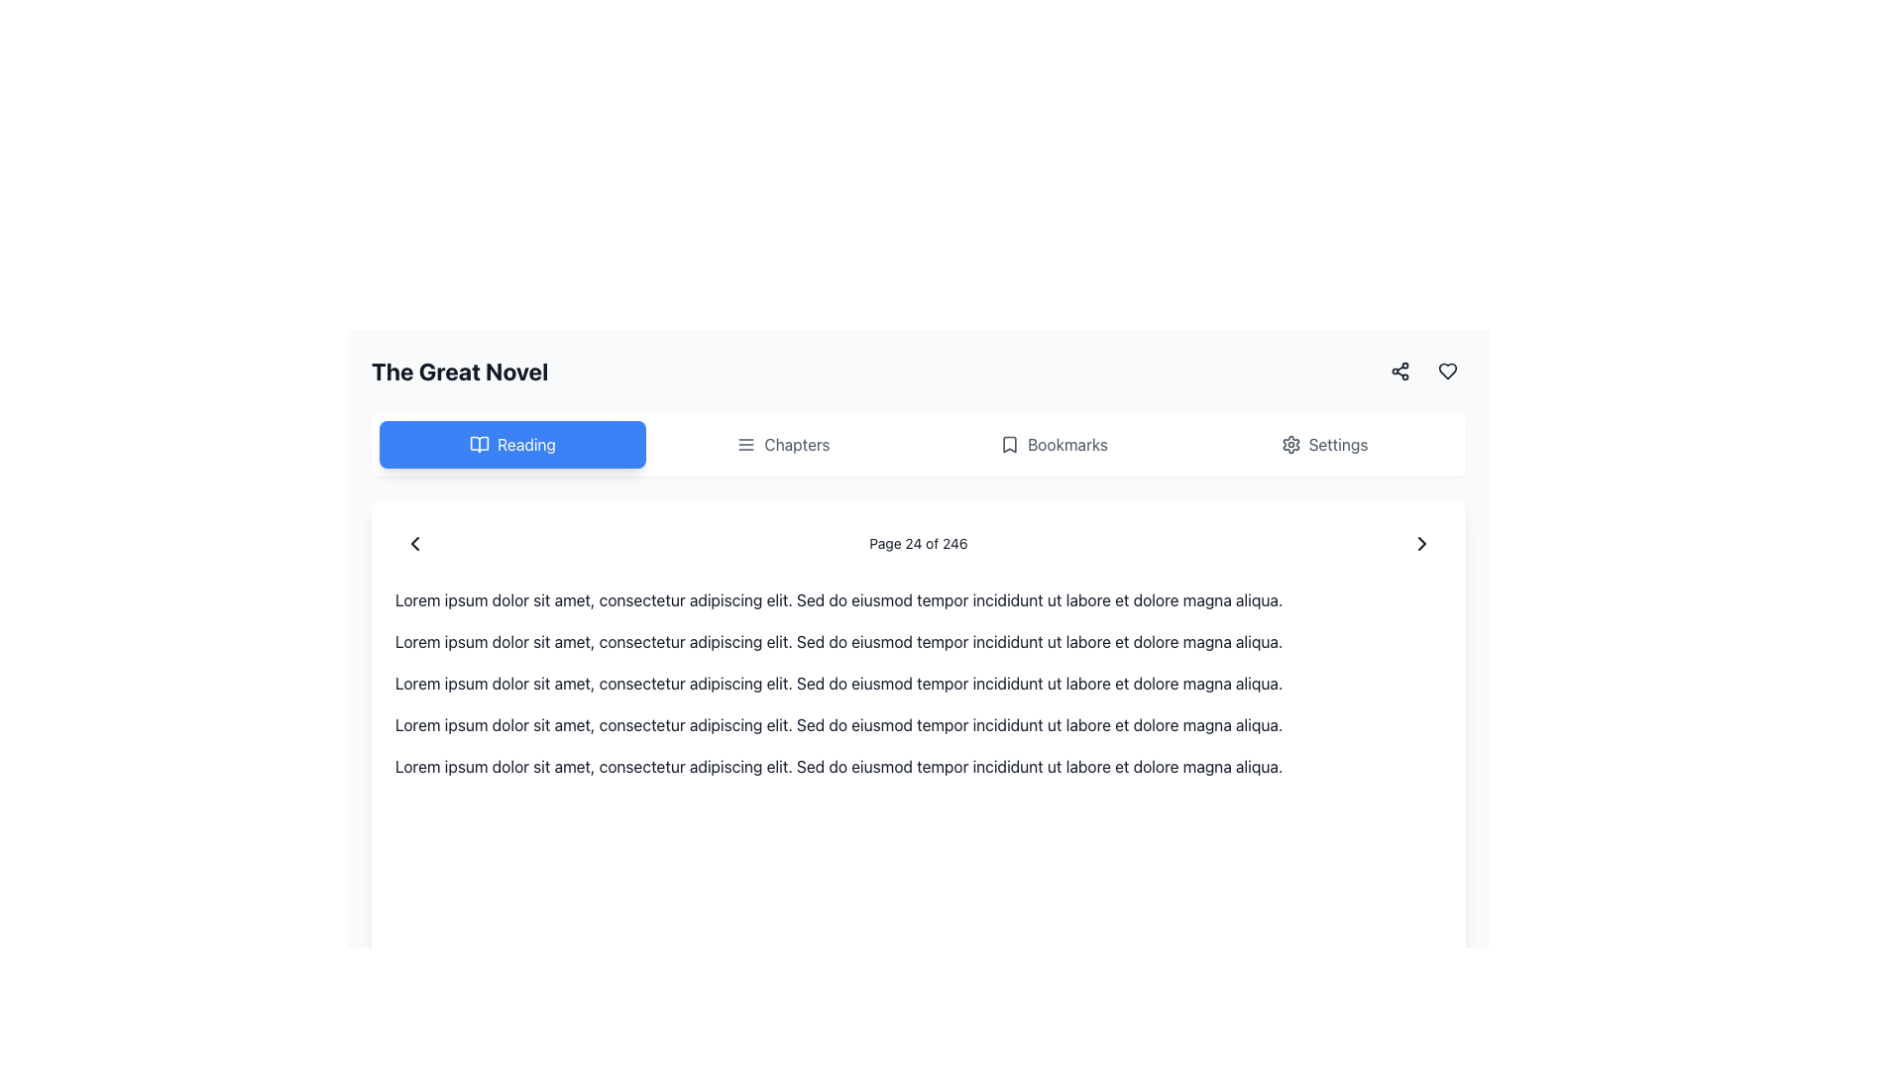  What do you see at coordinates (1447, 371) in the screenshot?
I see `the heart SVG icon within the circular button located in the top-right corner of the interface` at bounding box center [1447, 371].